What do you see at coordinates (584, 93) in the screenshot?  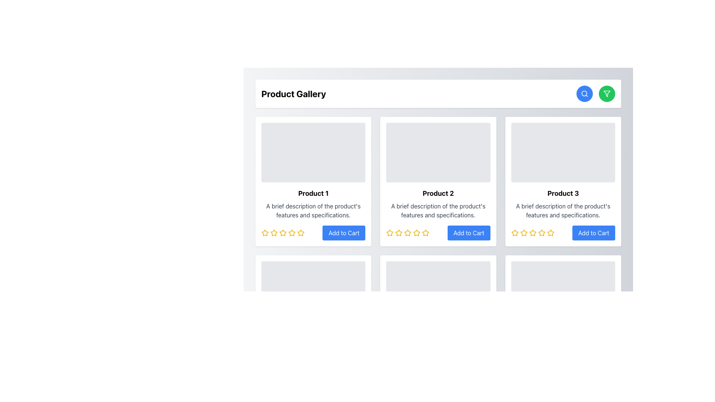 I see `the inner circular part of the magnifying glass icon, which is an SVG Circle Component with a thin black outline` at bounding box center [584, 93].